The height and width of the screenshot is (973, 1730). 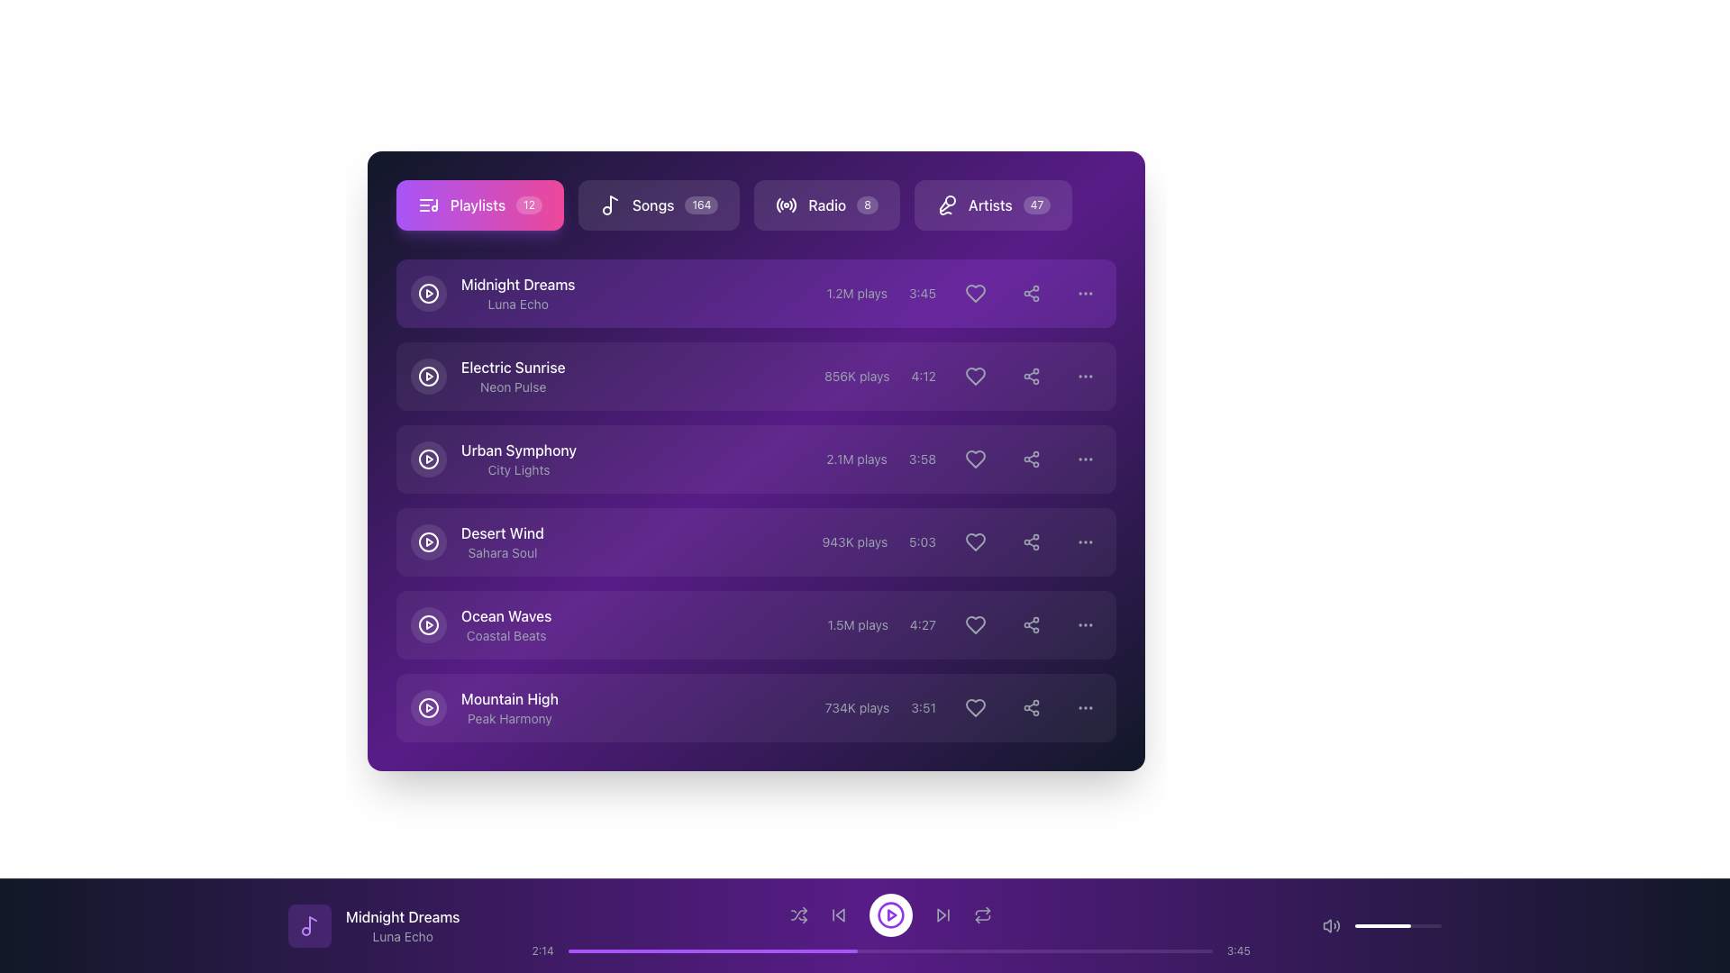 What do you see at coordinates (798, 914) in the screenshot?
I see `the Icon button located at the bottom left of the interface` at bounding box center [798, 914].